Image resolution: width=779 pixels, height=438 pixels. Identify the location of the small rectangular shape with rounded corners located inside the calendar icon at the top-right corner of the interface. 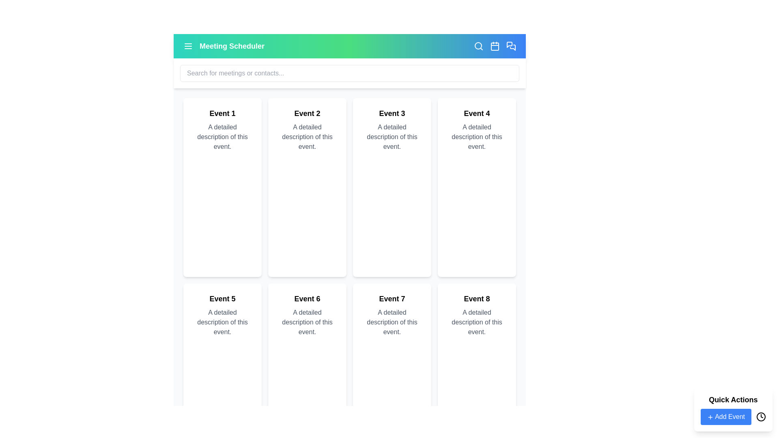
(494, 47).